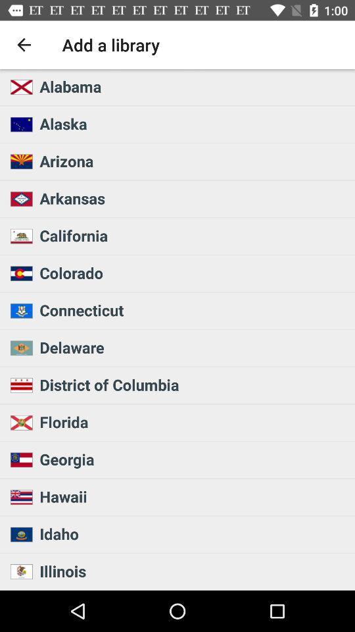 The width and height of the screenshot is (355, 632). Describe the element at coordinates (193, 124) in the screenshot. I see `alaska icon` at that location.